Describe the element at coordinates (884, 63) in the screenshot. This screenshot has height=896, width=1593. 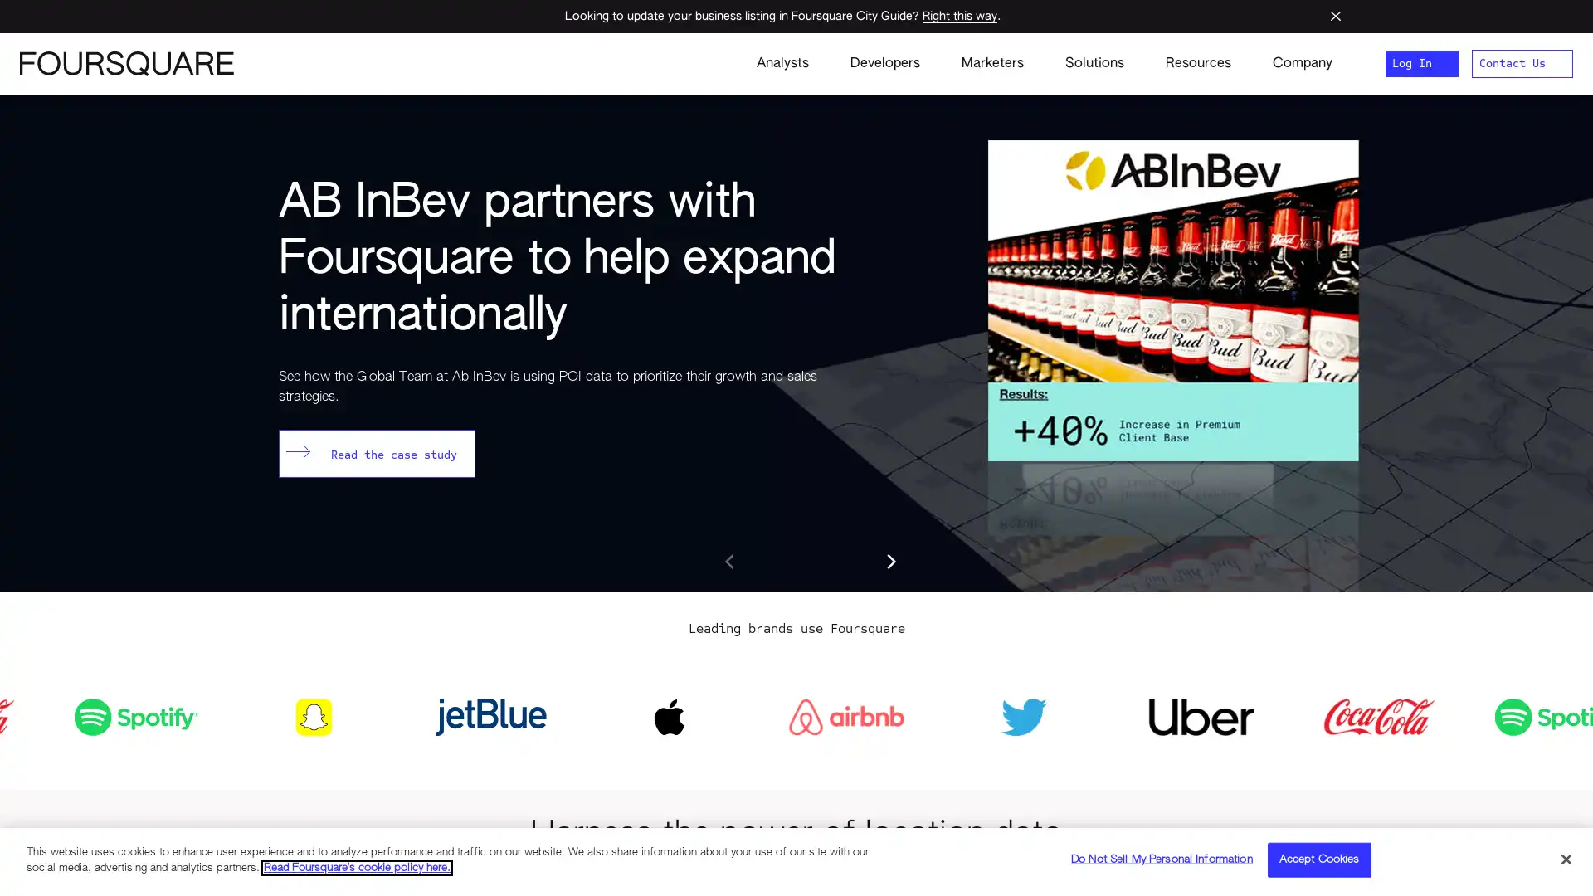
I see `Developers` at that location.